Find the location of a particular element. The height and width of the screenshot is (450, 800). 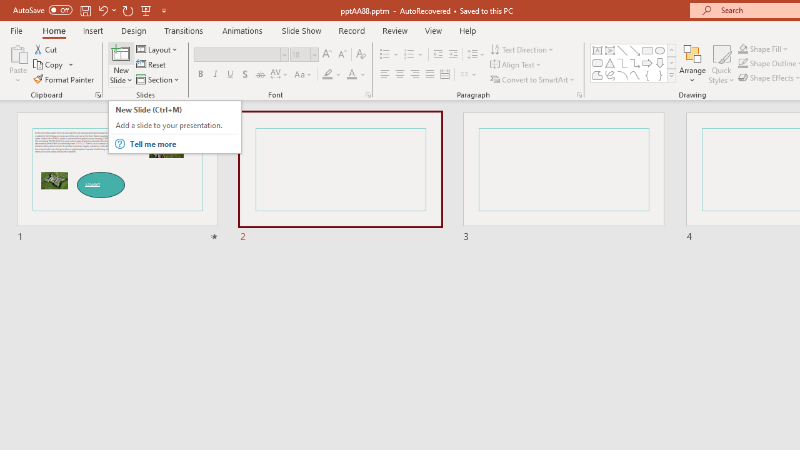

'Strikethrough' is located at coordinates (259, 74).